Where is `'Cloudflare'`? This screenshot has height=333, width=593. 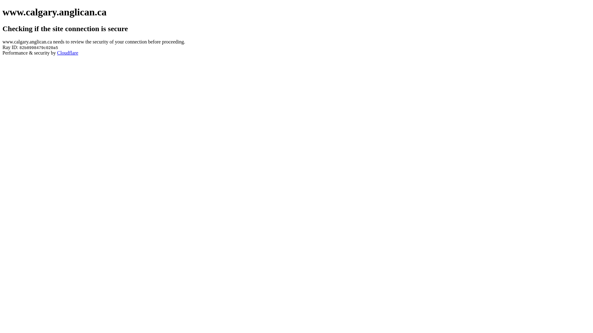 'Cloudflare' is located at coordinates (68, 52).